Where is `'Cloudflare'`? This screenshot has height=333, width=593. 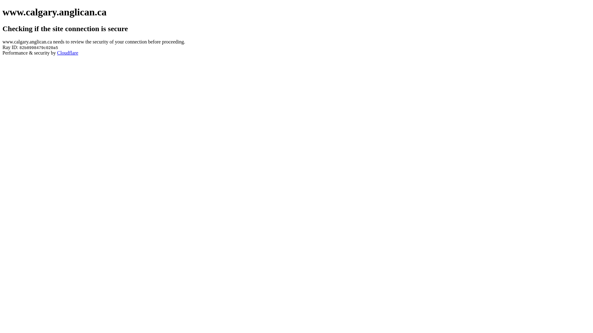 'Cloudflare' is located at coordinates (68, 52).